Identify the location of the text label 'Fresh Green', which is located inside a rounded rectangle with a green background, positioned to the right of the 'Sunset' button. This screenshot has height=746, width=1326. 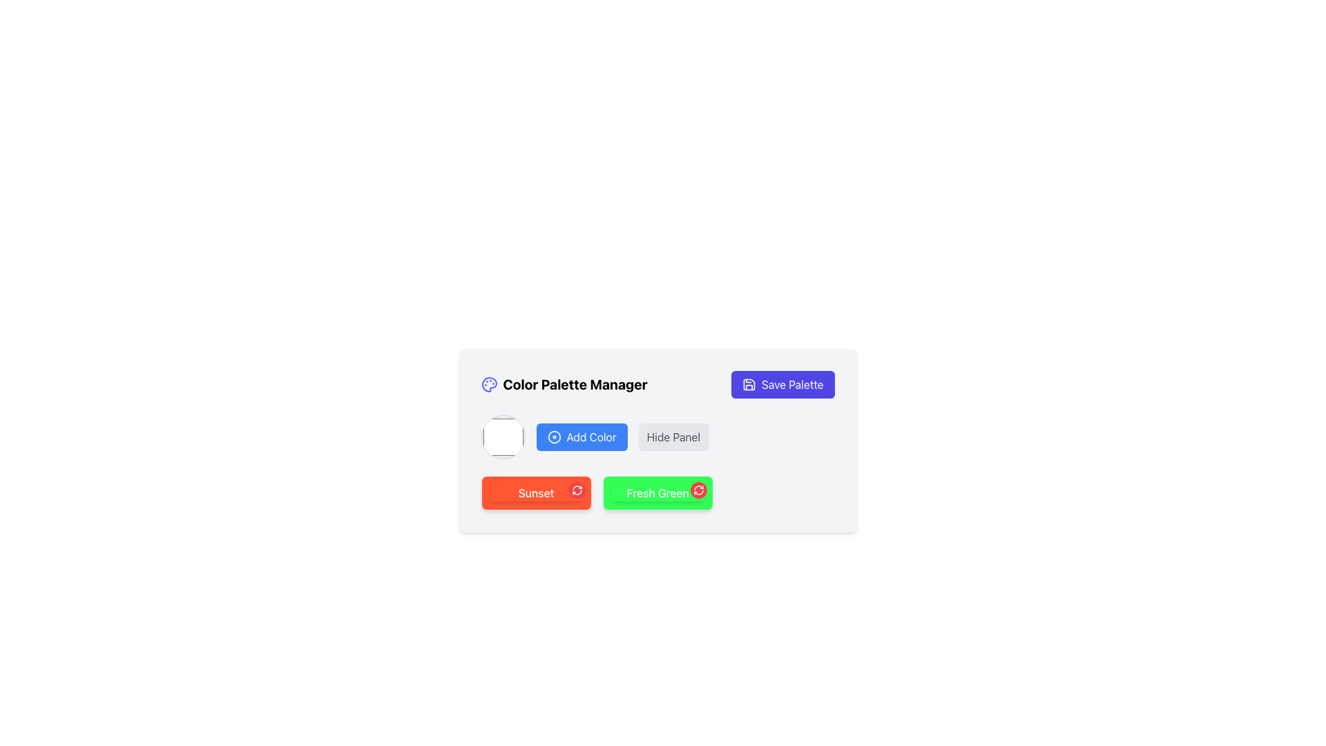
(657, 492).